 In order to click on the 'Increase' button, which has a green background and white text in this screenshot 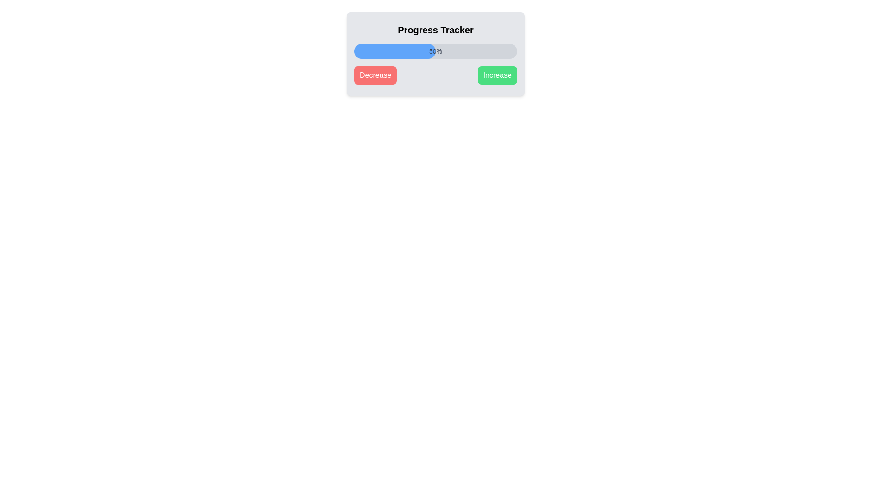, I will do `click(497, 75)`.